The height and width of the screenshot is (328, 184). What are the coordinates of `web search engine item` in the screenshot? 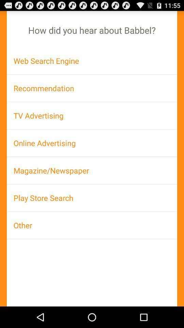 It's located at (92, 60).